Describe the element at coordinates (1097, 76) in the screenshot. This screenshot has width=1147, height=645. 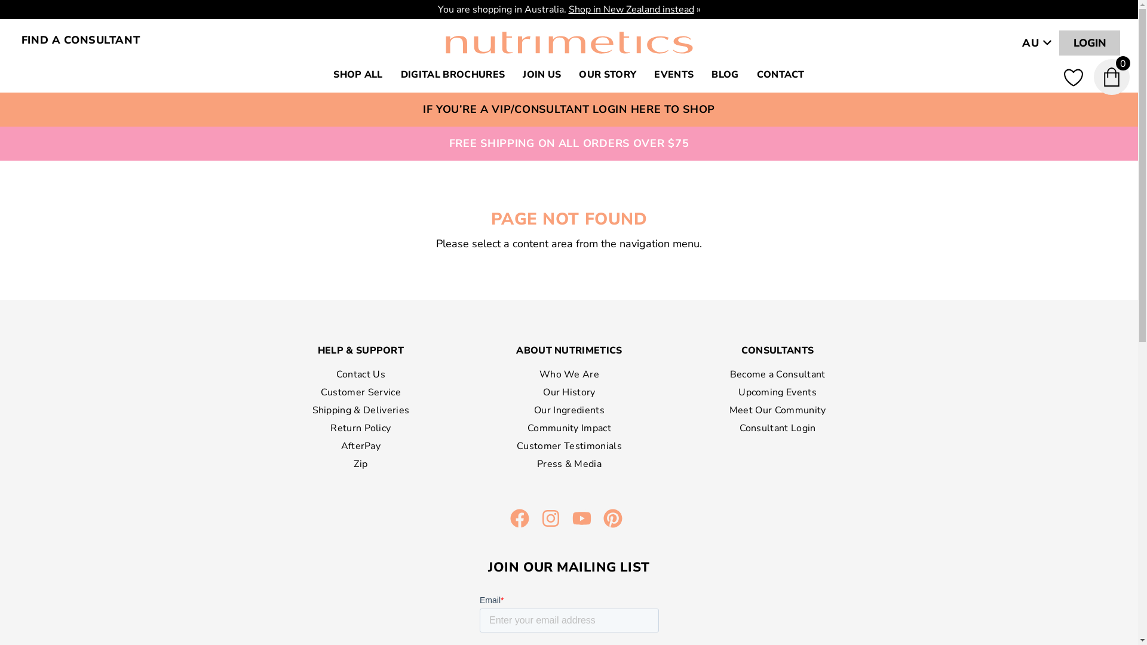
I see `'0'` at that location.